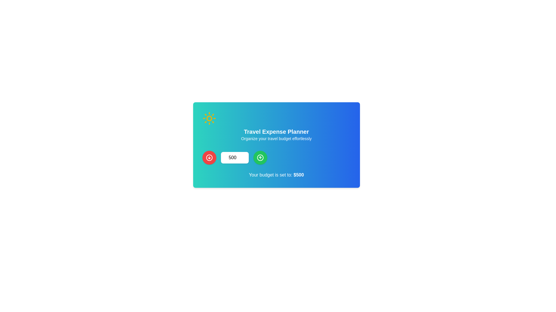 The height and width of the screenshot is (312, 556). What do you see at coordinates (260, 158) in the screenshot?
I see `the Icon button located to the right of the numeric input field within the rounded green-bordered background` at bounding box center [260, 158].